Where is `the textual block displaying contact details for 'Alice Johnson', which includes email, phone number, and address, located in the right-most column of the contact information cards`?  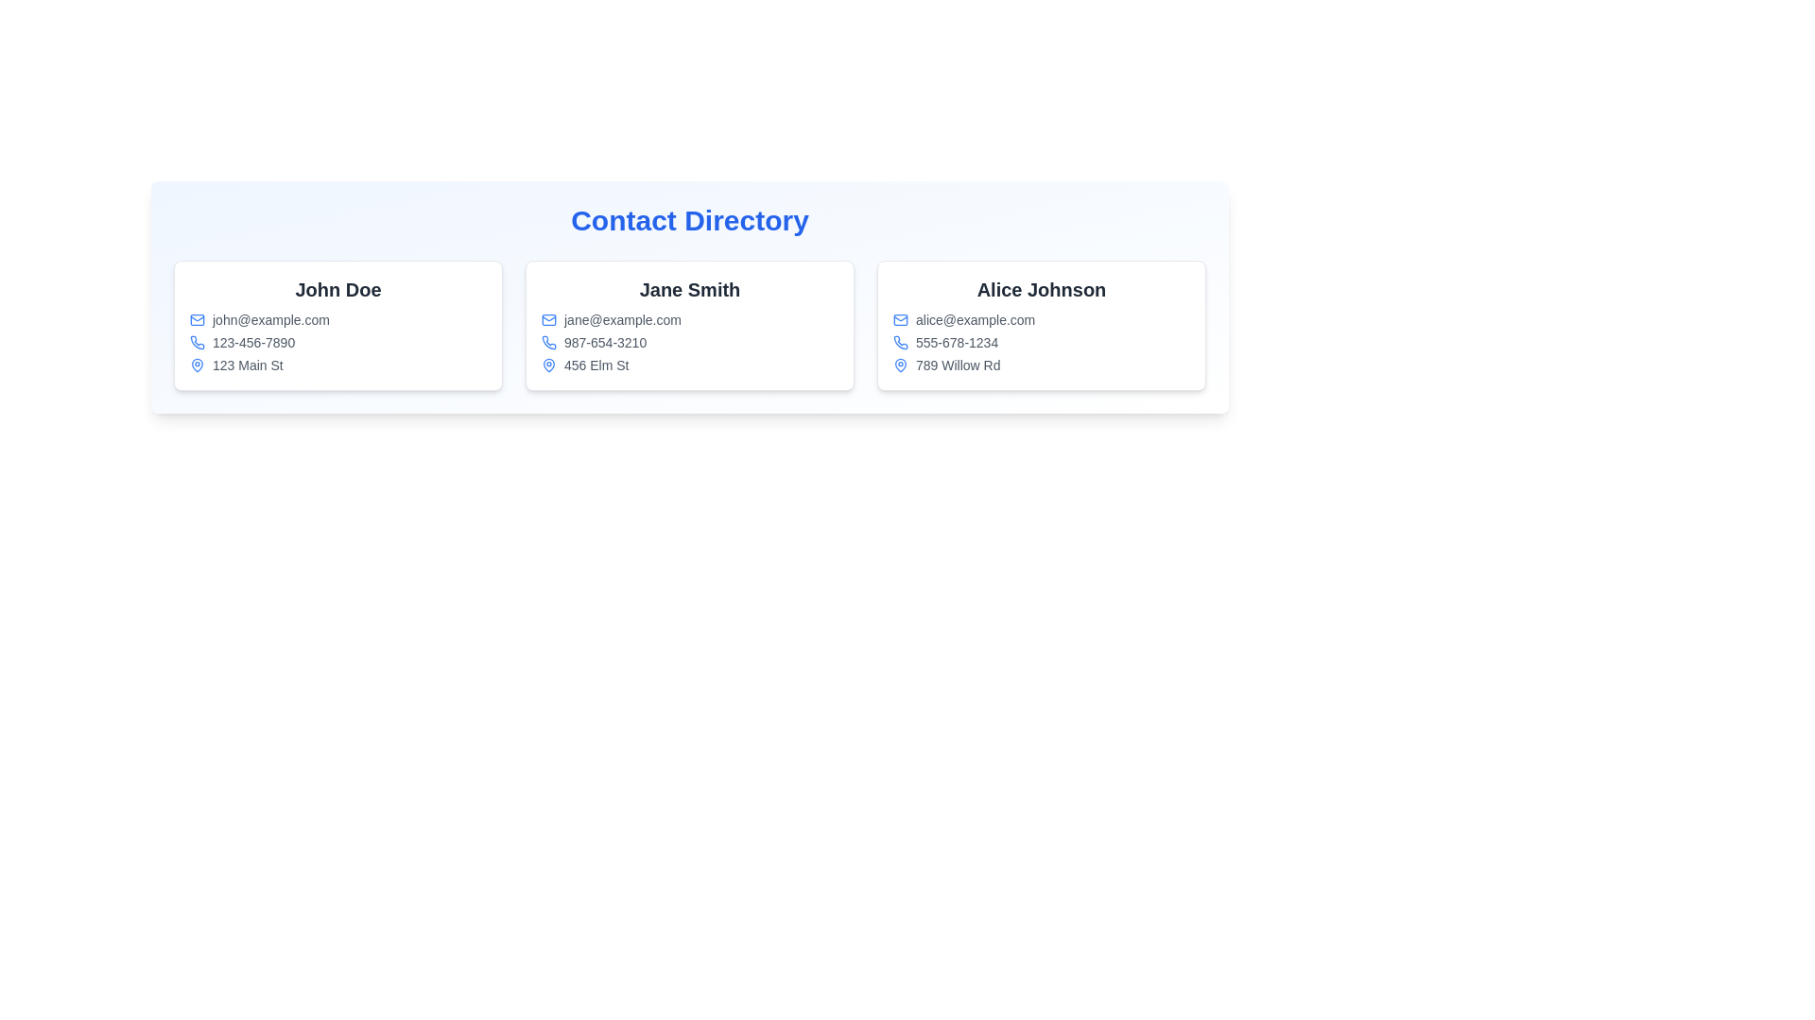 the textual block displaying contact details for 'Alice Johnson', which includes email, phone number, and address, located in the right-most column of the contact information cards is located at coordinates (1041, 342).